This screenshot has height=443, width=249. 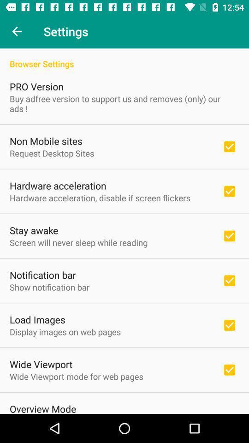 I want to click on screen will never icon, so click(x=78, y=242).